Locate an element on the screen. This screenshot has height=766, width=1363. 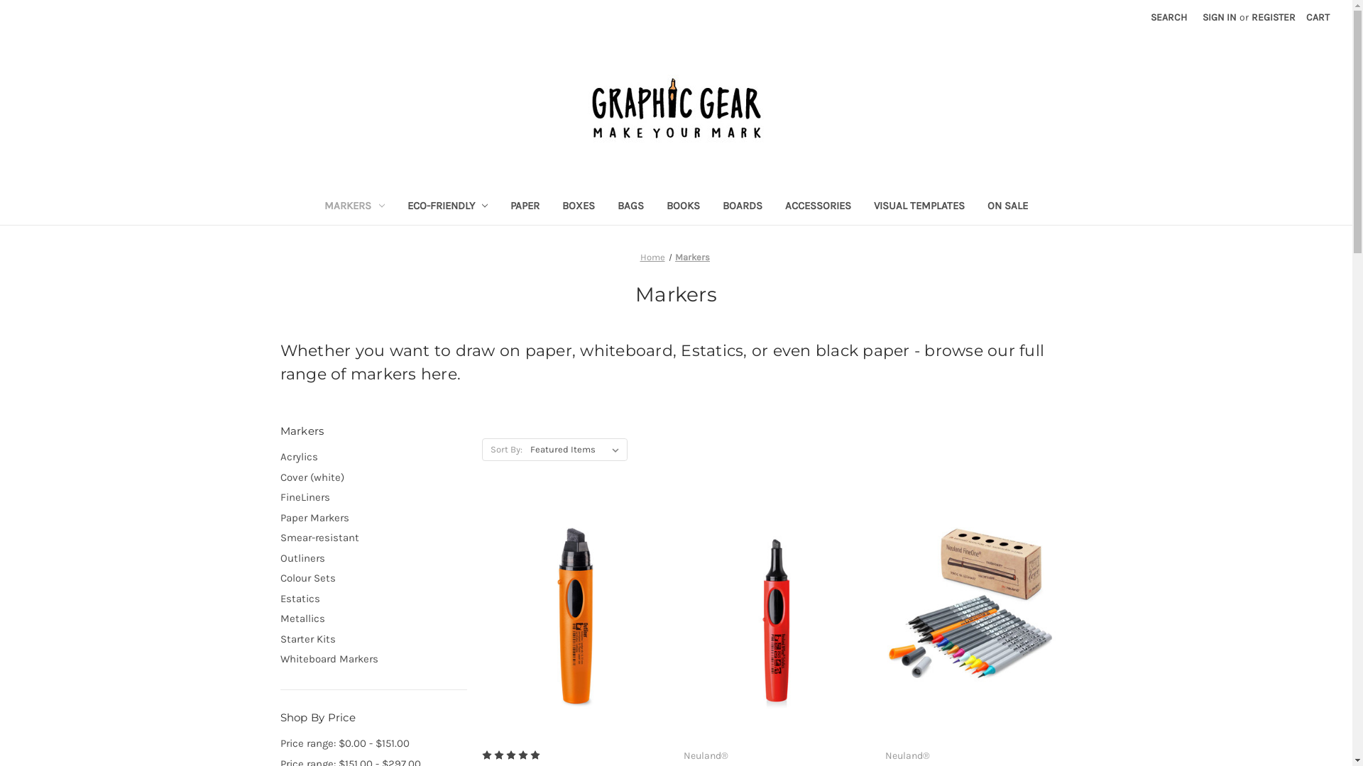
'BOXES' is located at coordinates (550, 207).